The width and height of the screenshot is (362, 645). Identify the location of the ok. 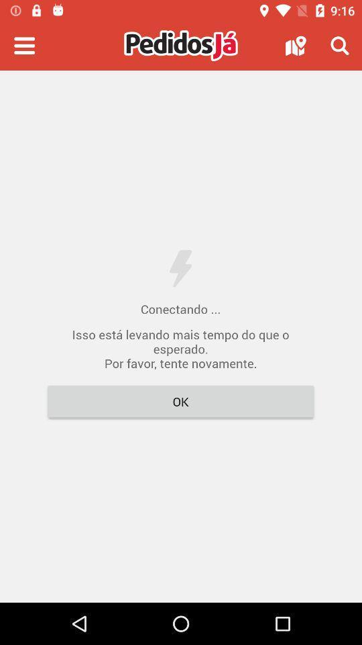
(180, 401).